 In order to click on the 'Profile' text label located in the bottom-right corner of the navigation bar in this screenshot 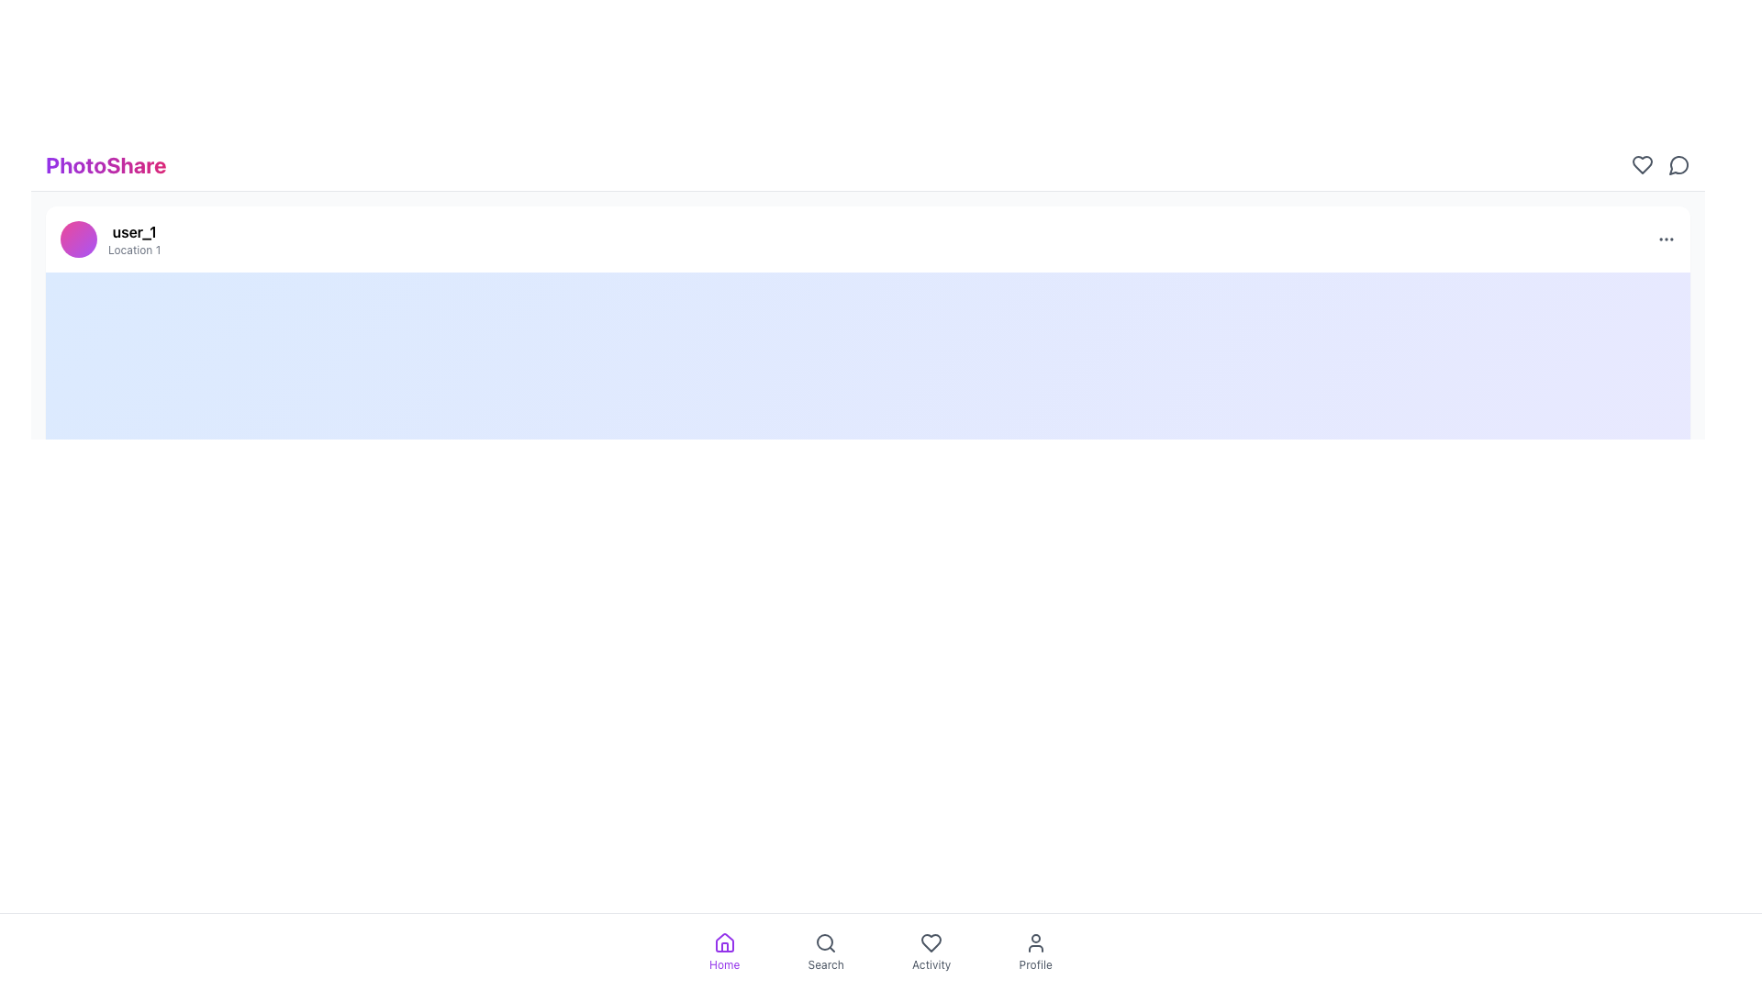, I will do `click(1035, 964)`.